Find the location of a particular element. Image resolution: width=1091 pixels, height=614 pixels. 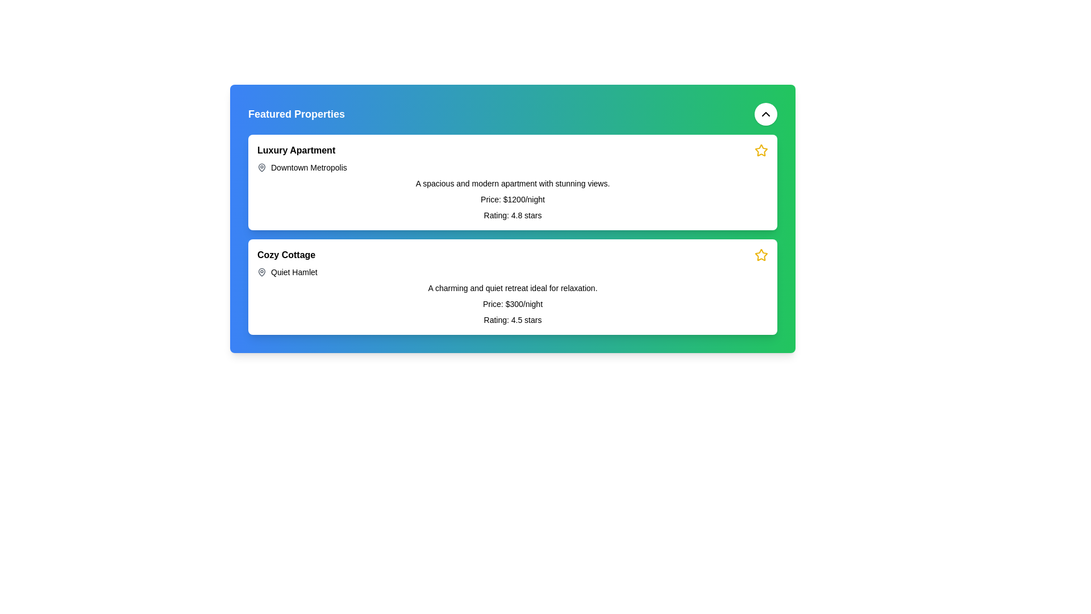

text content of the label displaying the nightly price of the listed property located in the second card under the 'Featured Properties' section, positioned centrally below the description text and above the rating information is located at coordinates (512, 304).